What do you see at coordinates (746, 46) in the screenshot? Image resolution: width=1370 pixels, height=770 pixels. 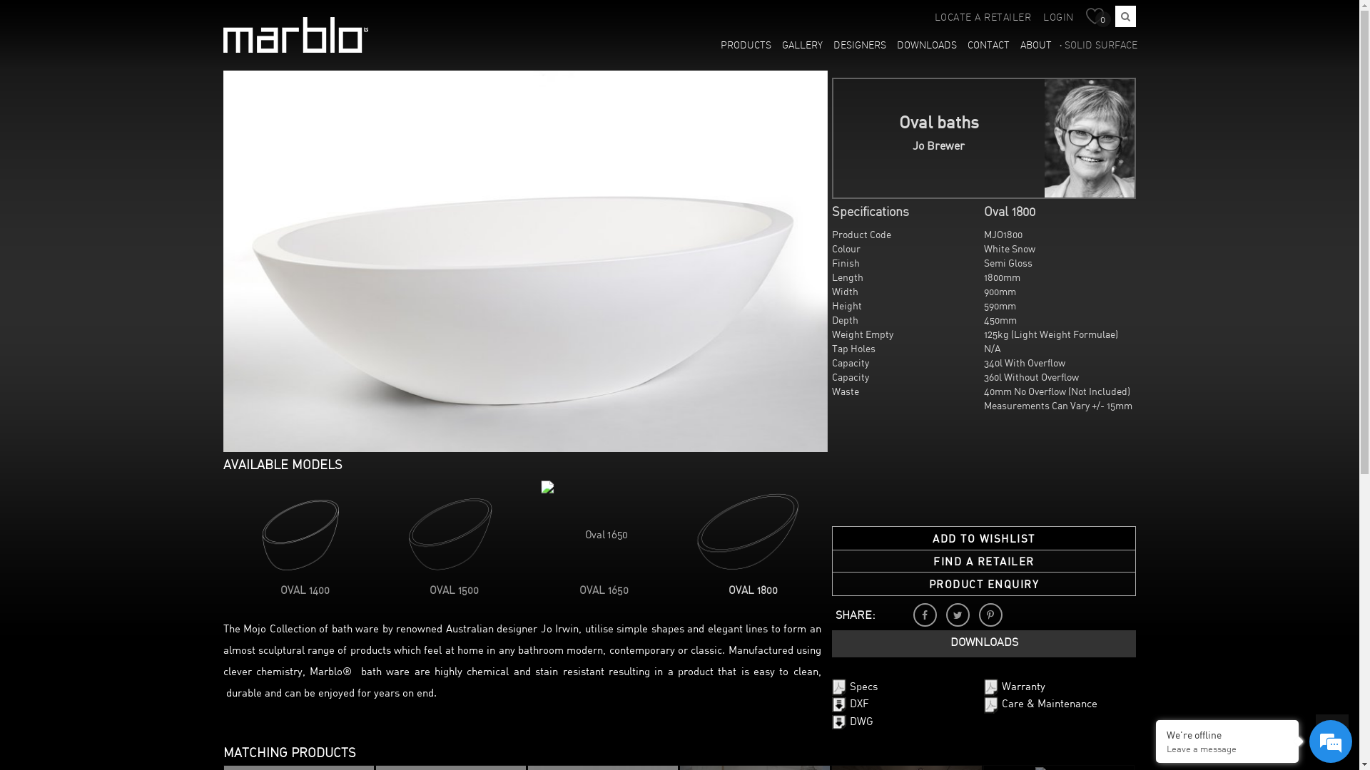 I see `'PRODUCTS'` at bounding box center [746, 46].